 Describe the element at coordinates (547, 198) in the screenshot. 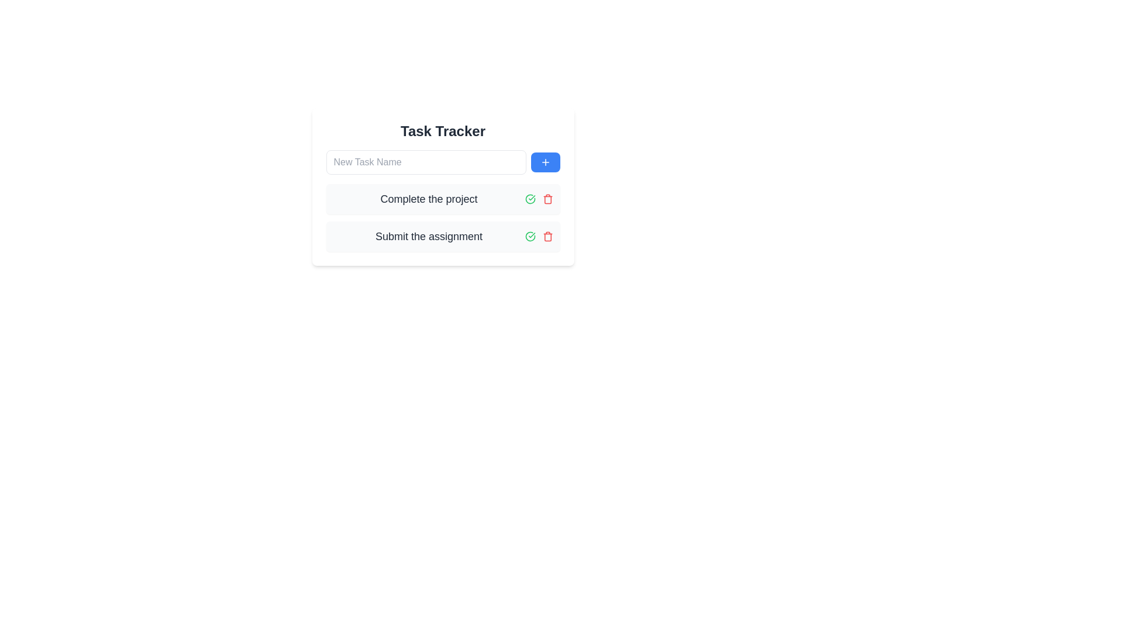

I see `the Icon button located at the right end of a horizontal layout, next to the text 'Complete the project'` at that location.